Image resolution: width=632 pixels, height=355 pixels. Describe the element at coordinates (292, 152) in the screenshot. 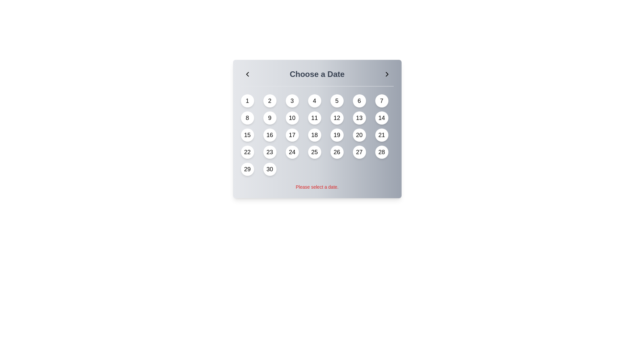

I see `the date button for the 24th day in the calendar interface` at that location.